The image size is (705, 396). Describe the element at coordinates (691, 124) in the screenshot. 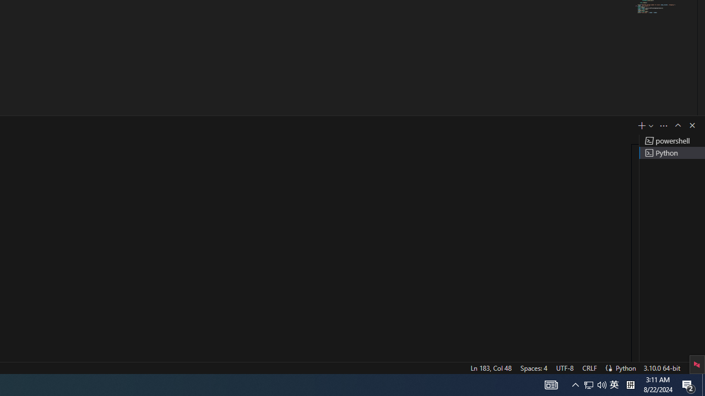

I see `'Hide Panel'` at that location.